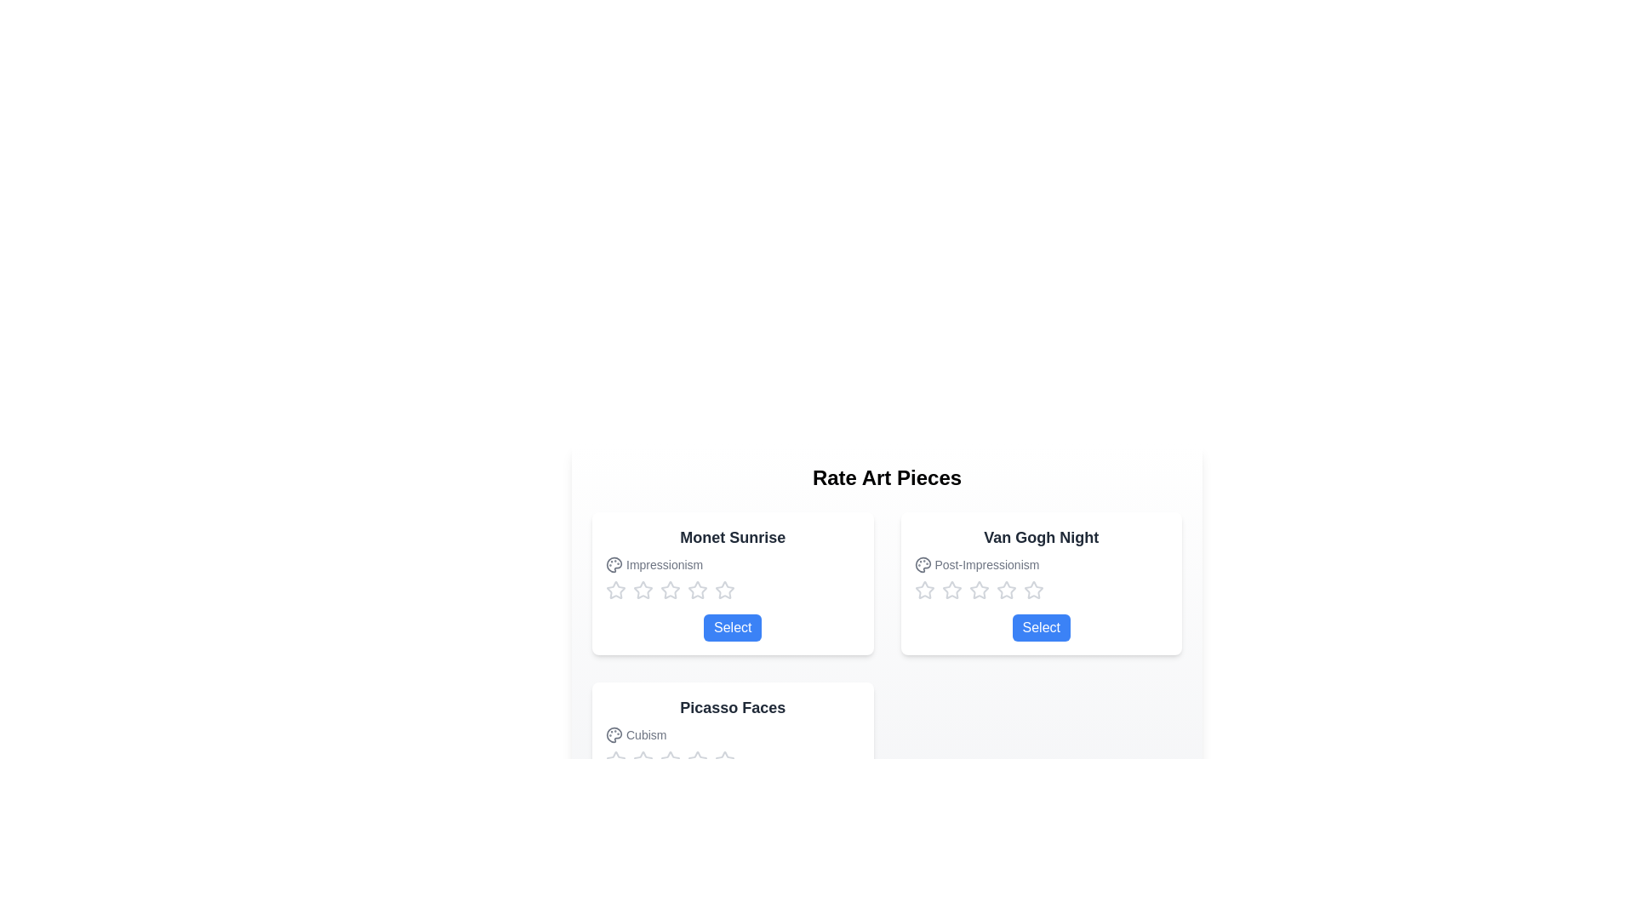 This screenshot has height=919, width=1634. What do you see at coordinates (669, 589) in the screenshot?
I see `the third star icon in the rating row below 'Monet Sunrise'` at bounding box center [669, 589].